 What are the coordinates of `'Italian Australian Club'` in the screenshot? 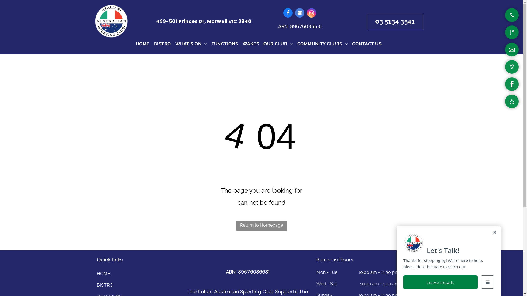 It's located at (111, 21).